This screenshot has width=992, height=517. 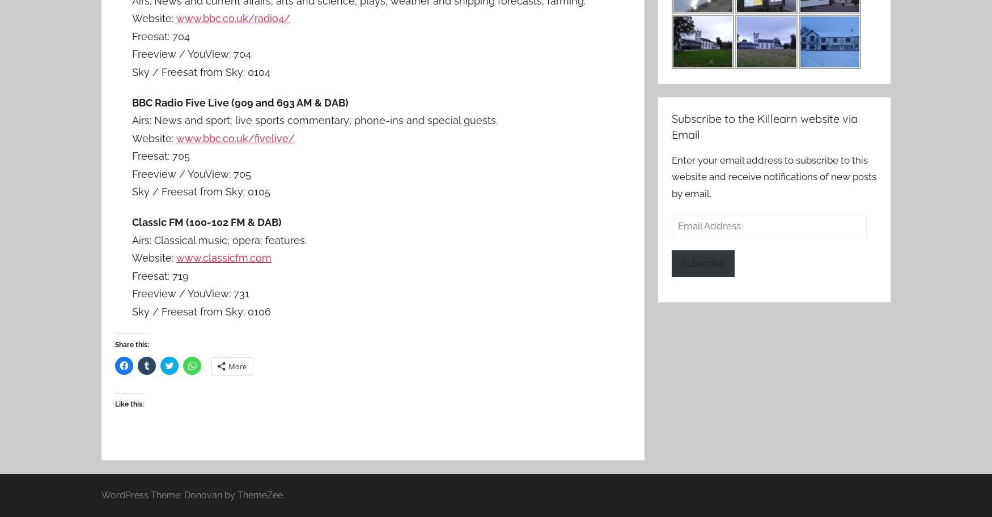 I want to click on 'Sky / Freesat from Sky: 0104', so click(x=201, y=71).